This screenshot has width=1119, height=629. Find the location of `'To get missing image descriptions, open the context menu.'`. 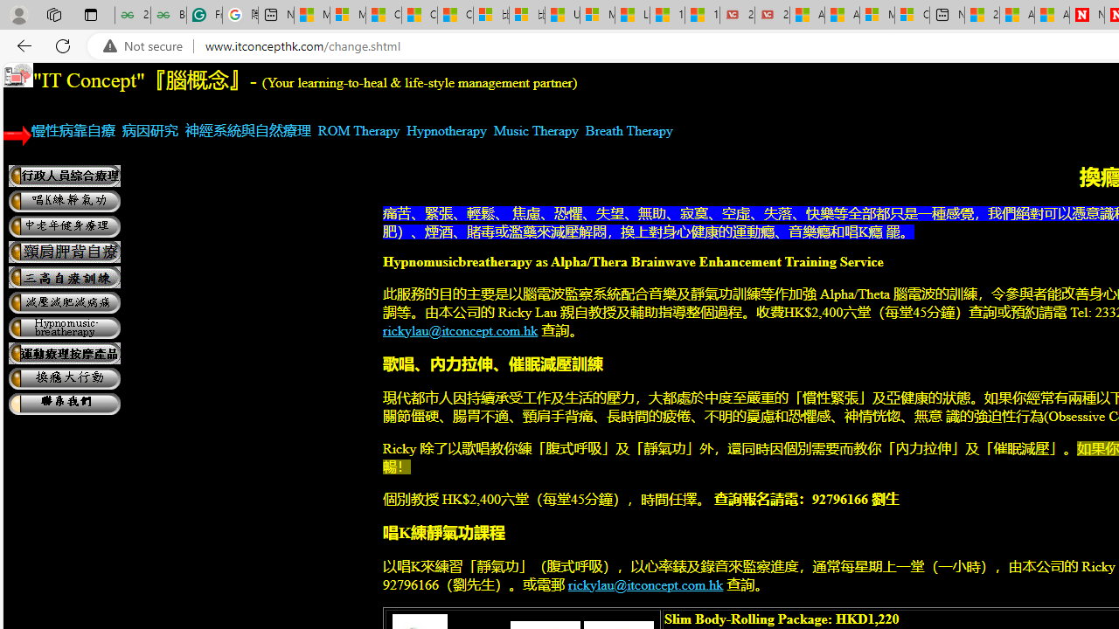

'To get missing image descriptions, open the context menu.' is located at coordinates (18, 74).